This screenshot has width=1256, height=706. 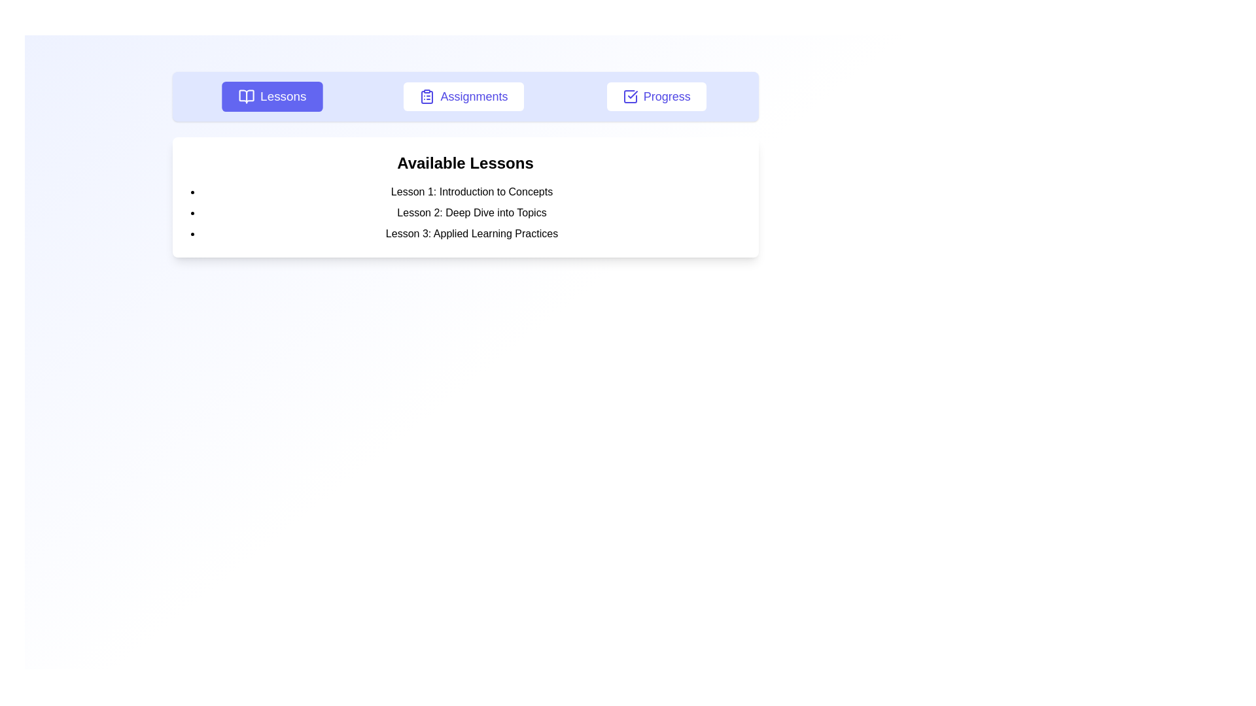 What do you see at coordinates (656, 95) in the screenshot?
I see `the 'Progress' button, which is a rectangular button with rounded corners, featuring a checked square icon and indigo text` at bounding box center [656, 95].